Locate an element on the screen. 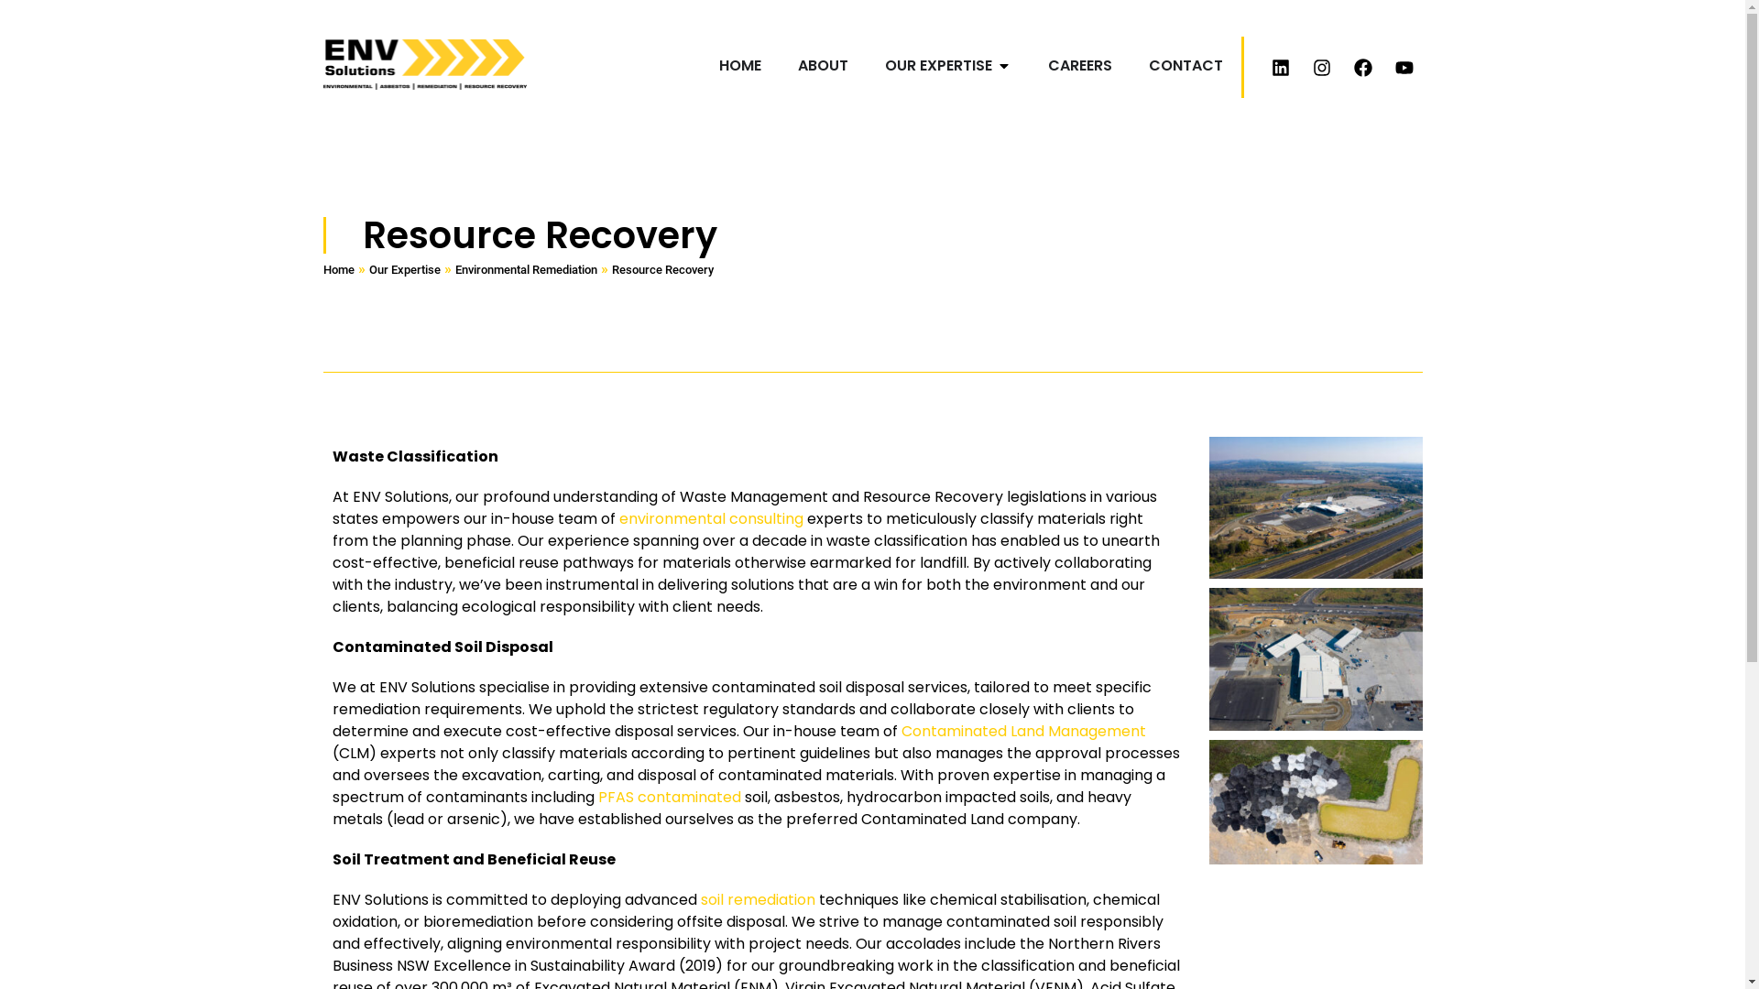 The width and height of the screenshot is (1759, 989). 'CONTACT' is located at coordinates (1185, 65).